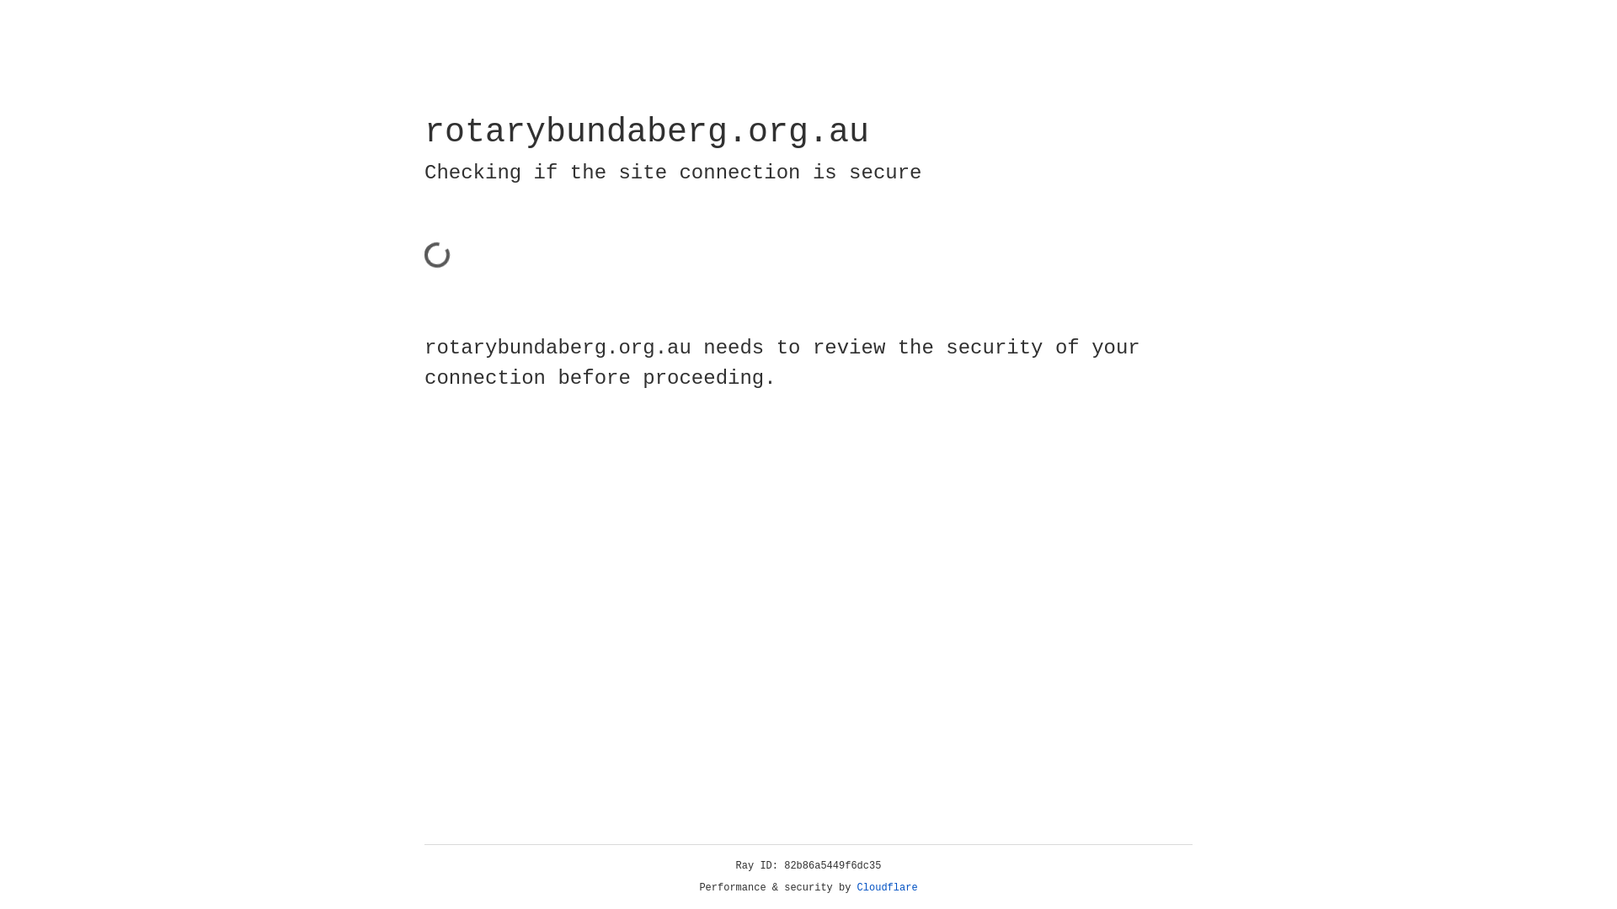 Image resolution: width=1617 pixels, height=909 pixels. I want to click on 'Cloudflare', so click(887, 887).